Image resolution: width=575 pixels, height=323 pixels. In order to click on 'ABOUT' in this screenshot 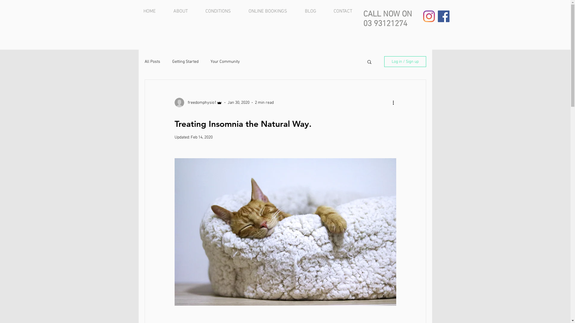, I will do `click(184, 11)`.